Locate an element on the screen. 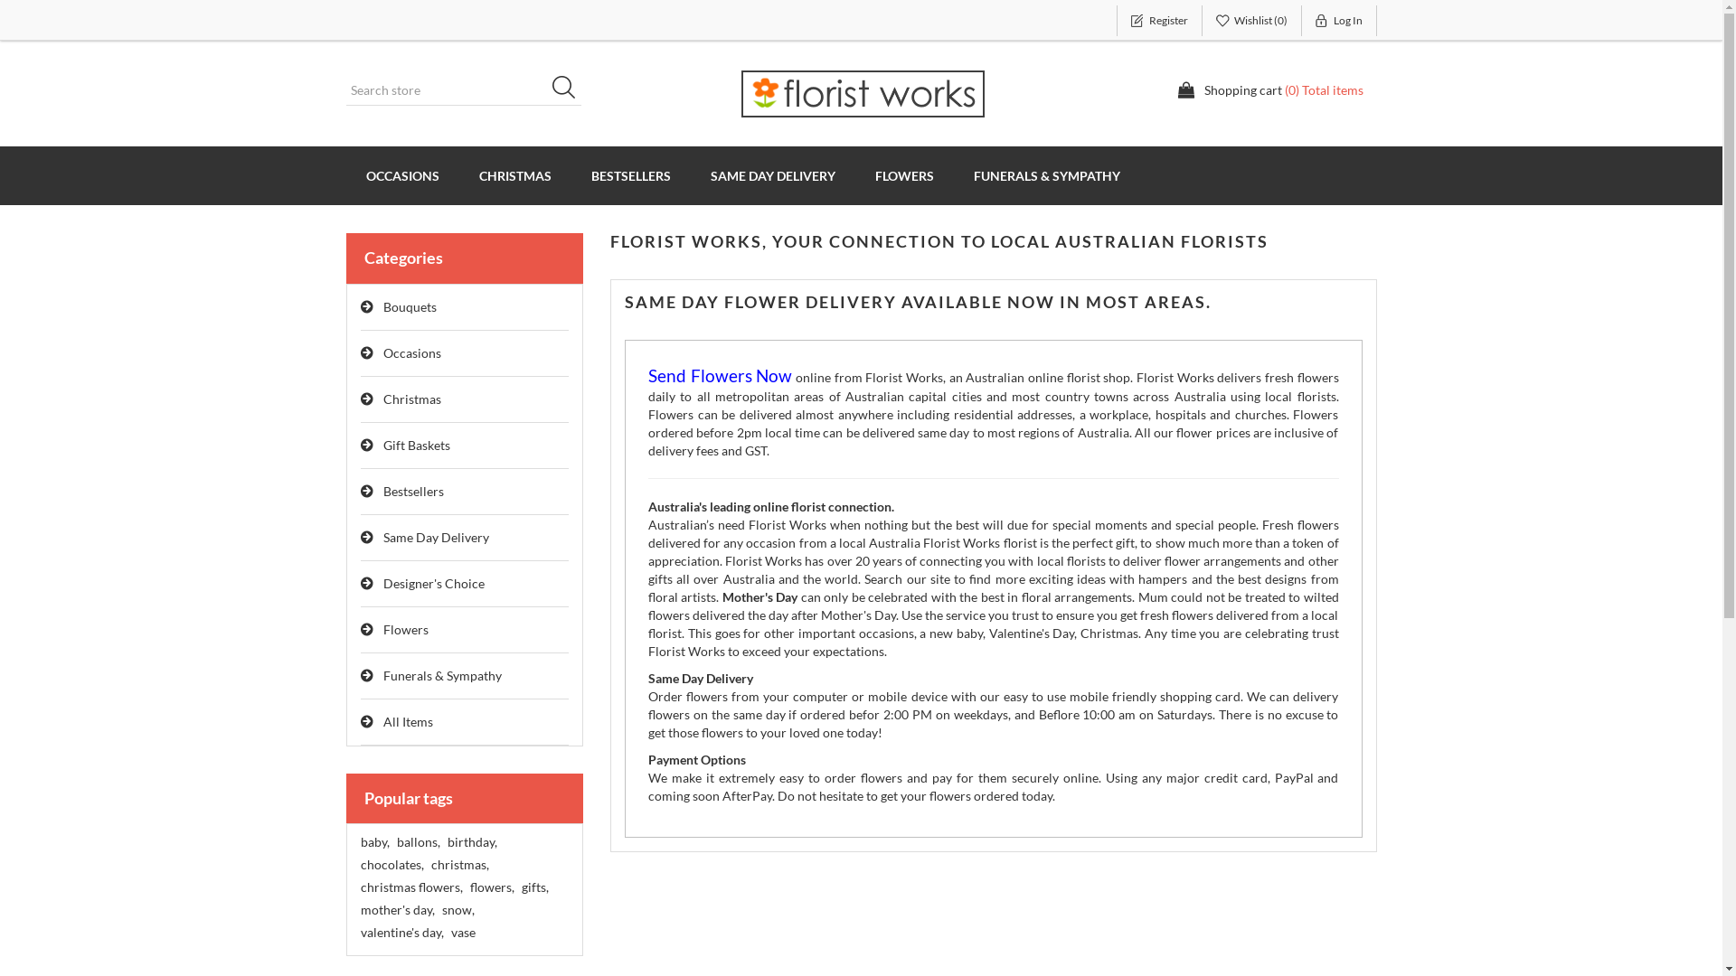  'Christmas' is located at coordinates (360, 399).